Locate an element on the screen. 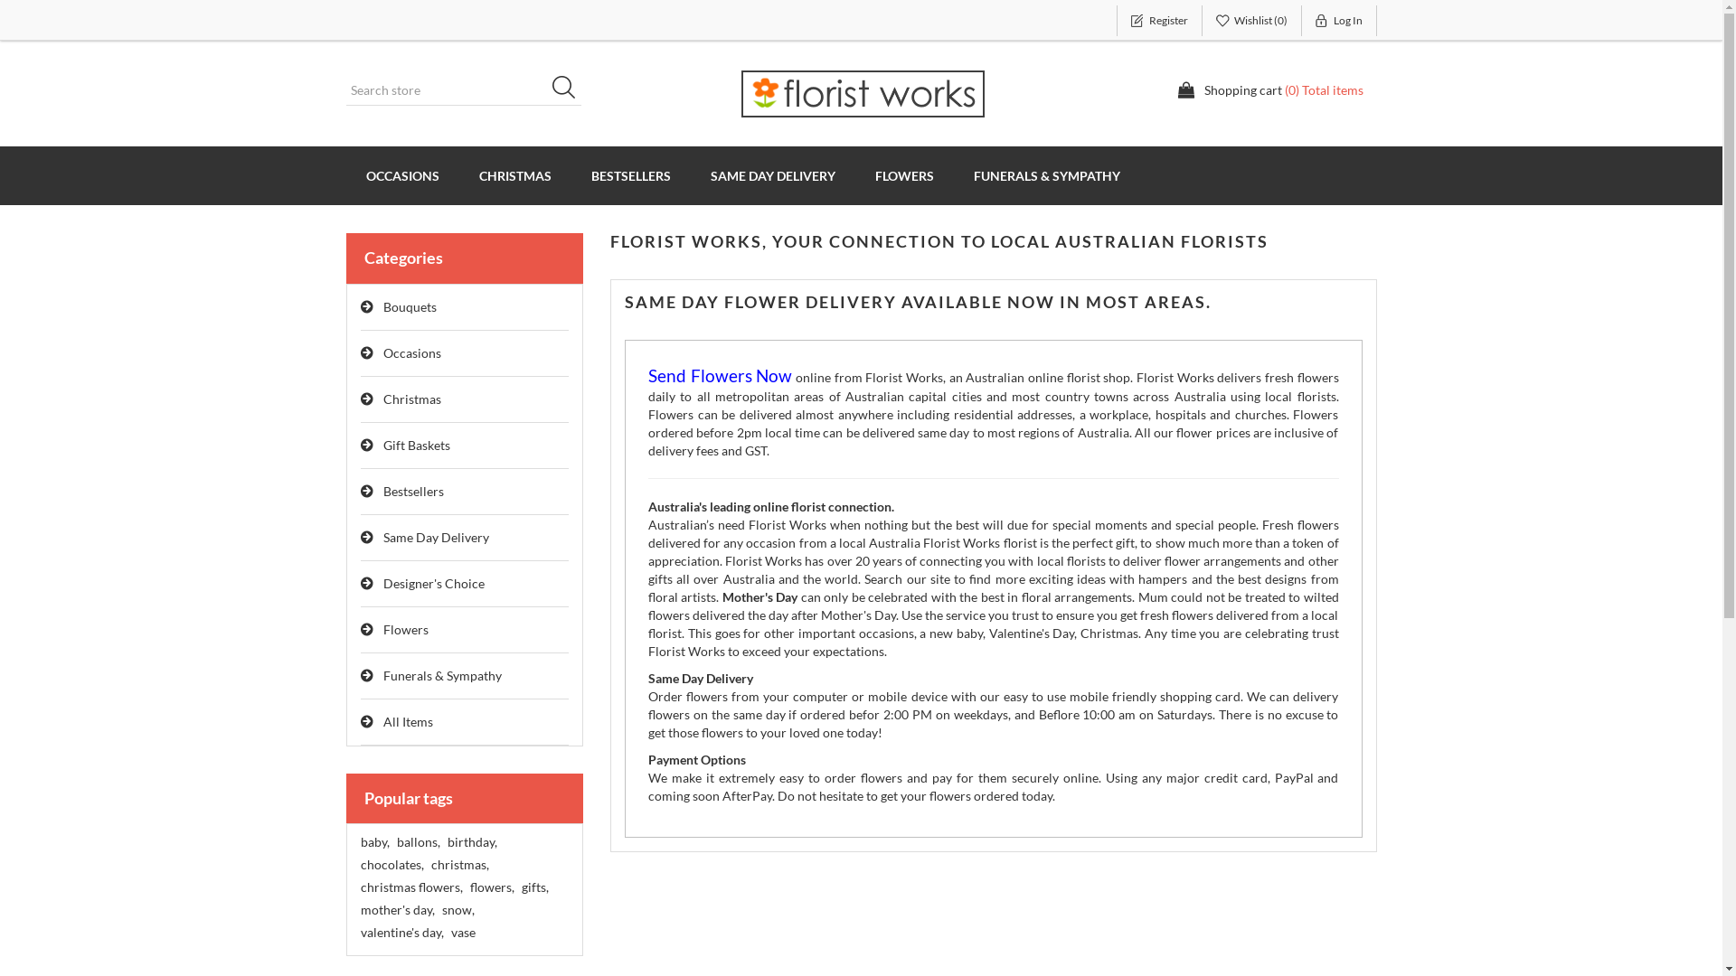  'Christmas' is located at coordinates (360, 399).